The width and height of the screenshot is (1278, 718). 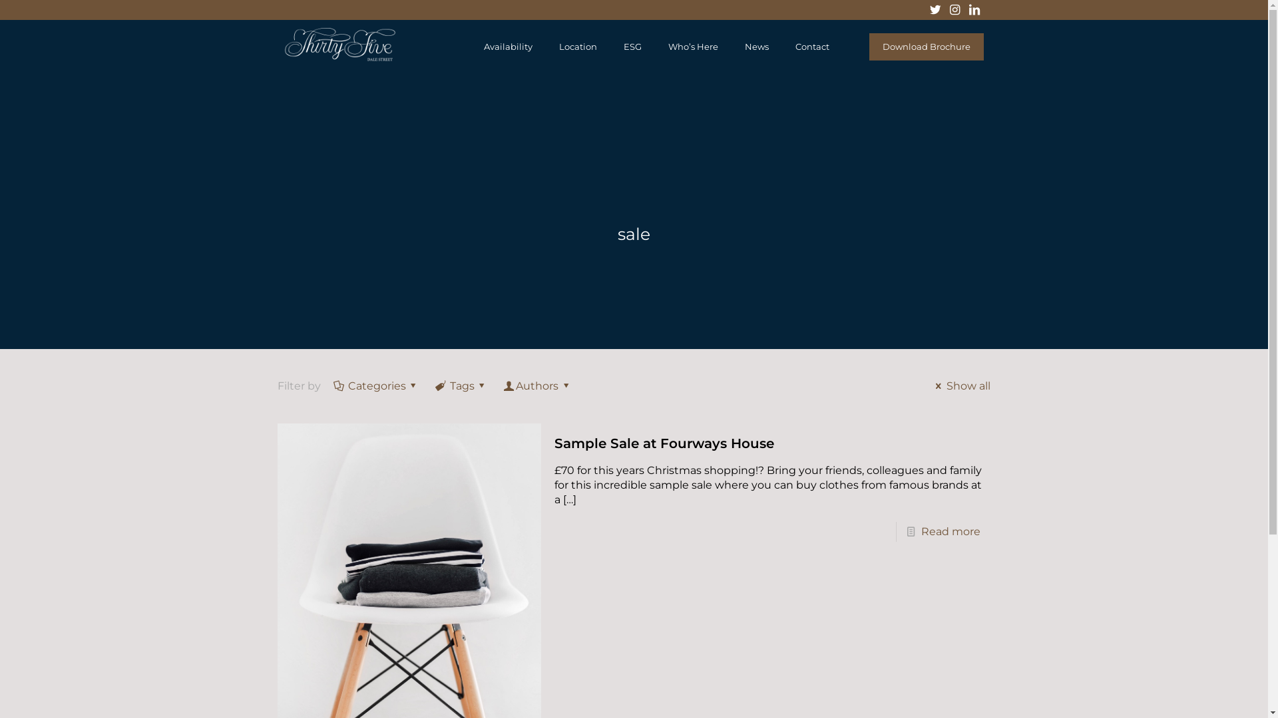 I want to click on 'Download Brochure', so click(x=869, y=46).